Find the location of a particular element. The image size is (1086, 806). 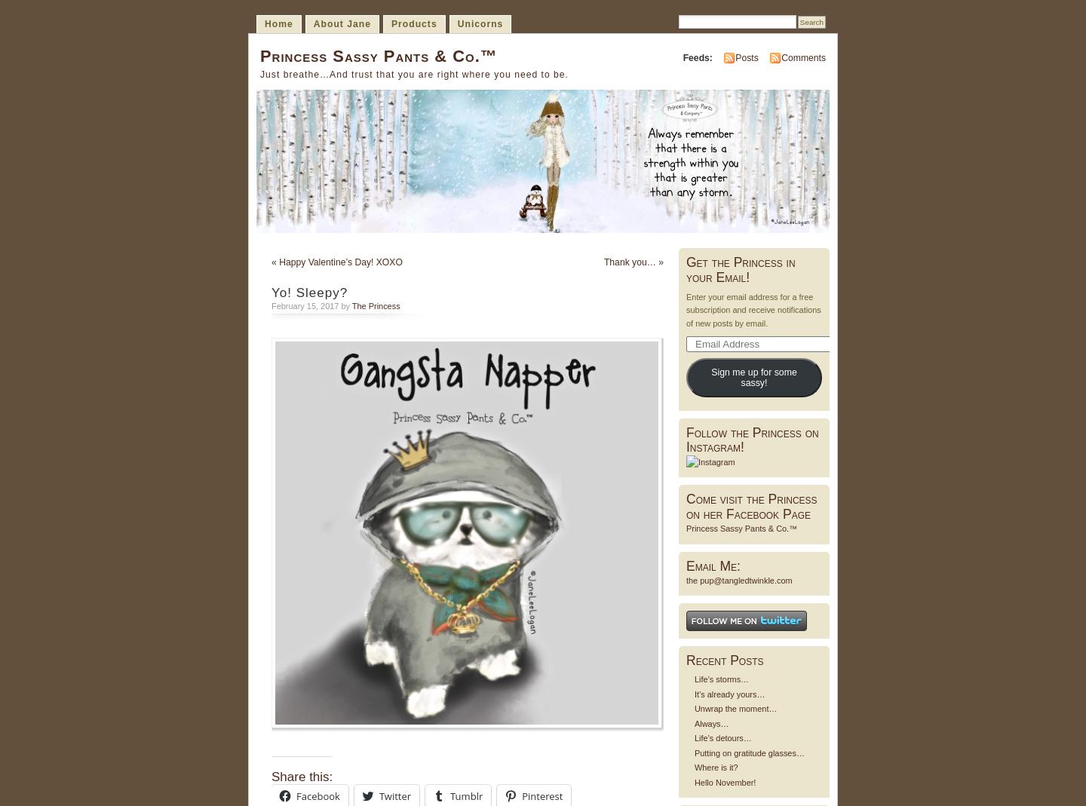

'Unwrap the moment…' is located at coordinates (735, 707).